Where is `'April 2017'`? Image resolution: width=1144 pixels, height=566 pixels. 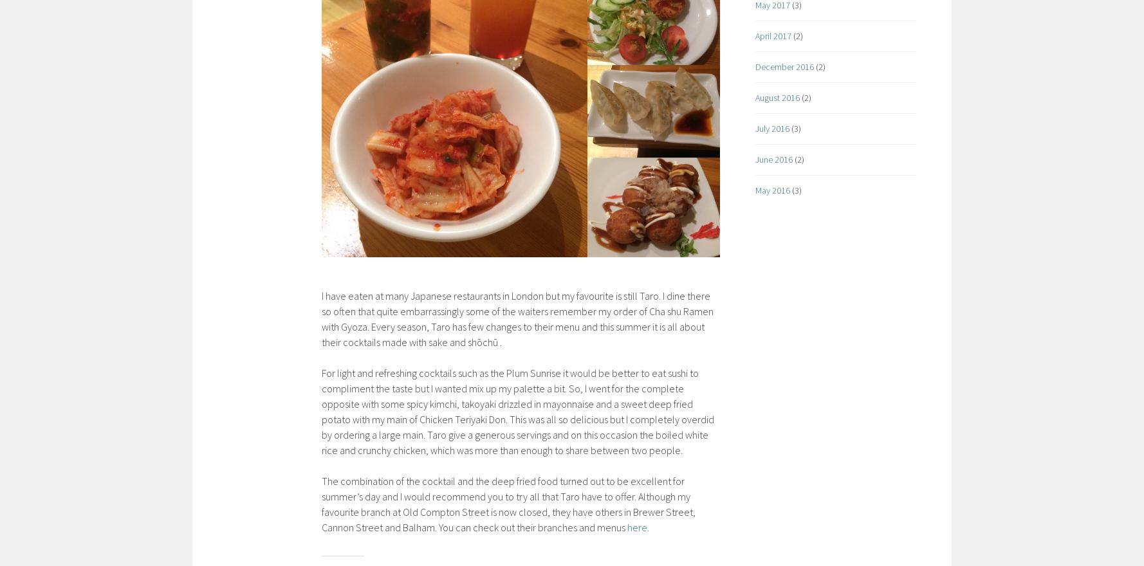
'April 2017' is located at coordinates (773, 35).